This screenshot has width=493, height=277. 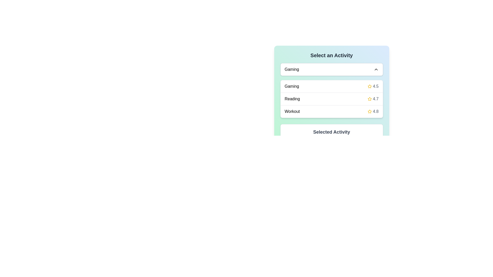 What do you see at coordinates (373, 111) in the screenshot?
I see `the rating indicator displaying a score of 4.8 located to the right of the text 'Workout' in the third entry of the list` at bounding box center [373, 111].